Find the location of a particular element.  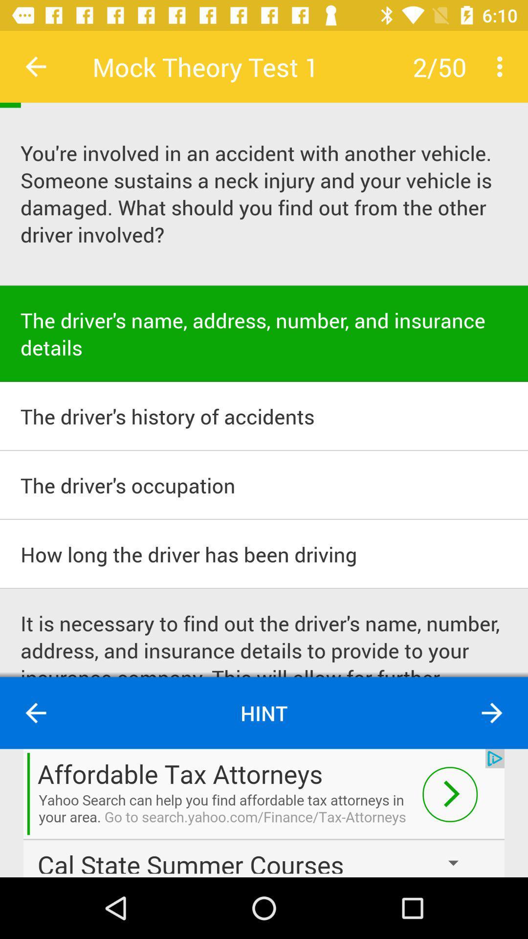

go back is located at coordinates (35, 713).